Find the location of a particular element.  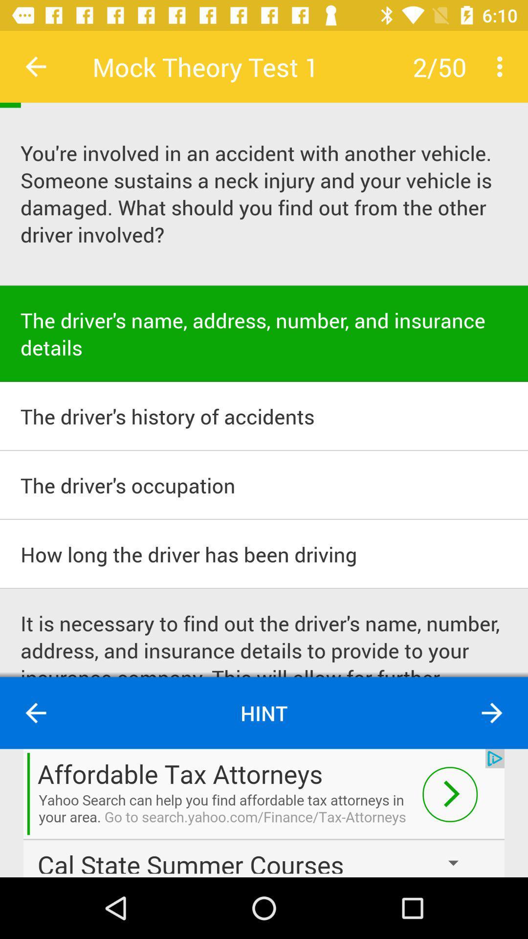

go back is located at coordinates (35, 713).